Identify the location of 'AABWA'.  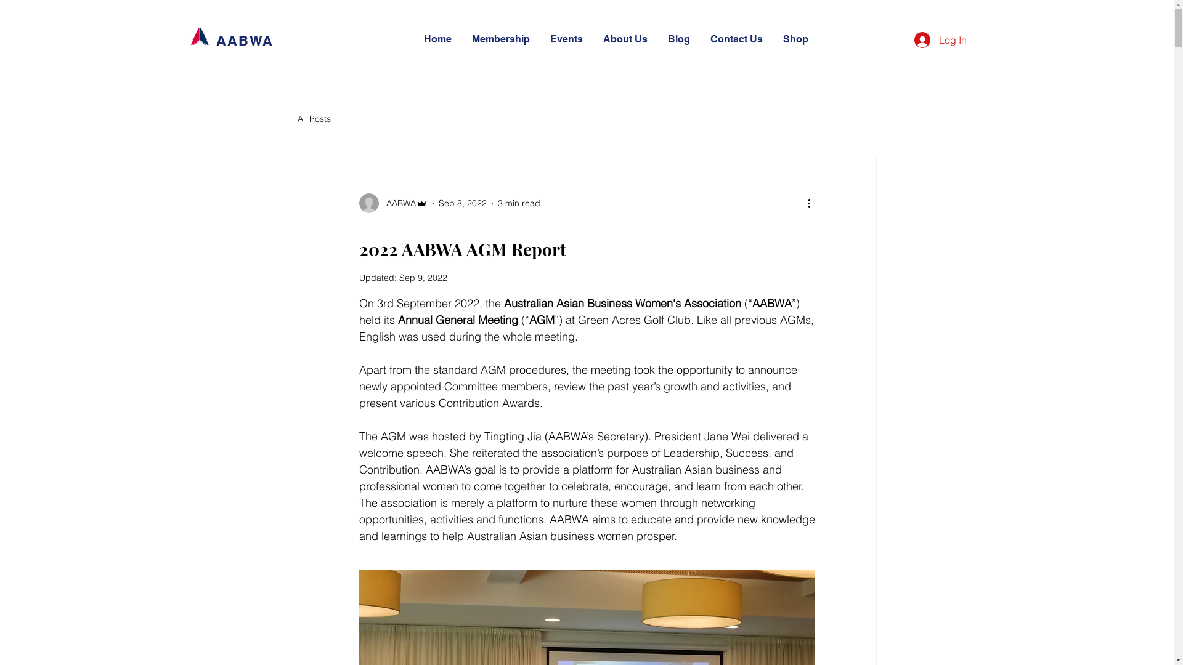
(357, 203).